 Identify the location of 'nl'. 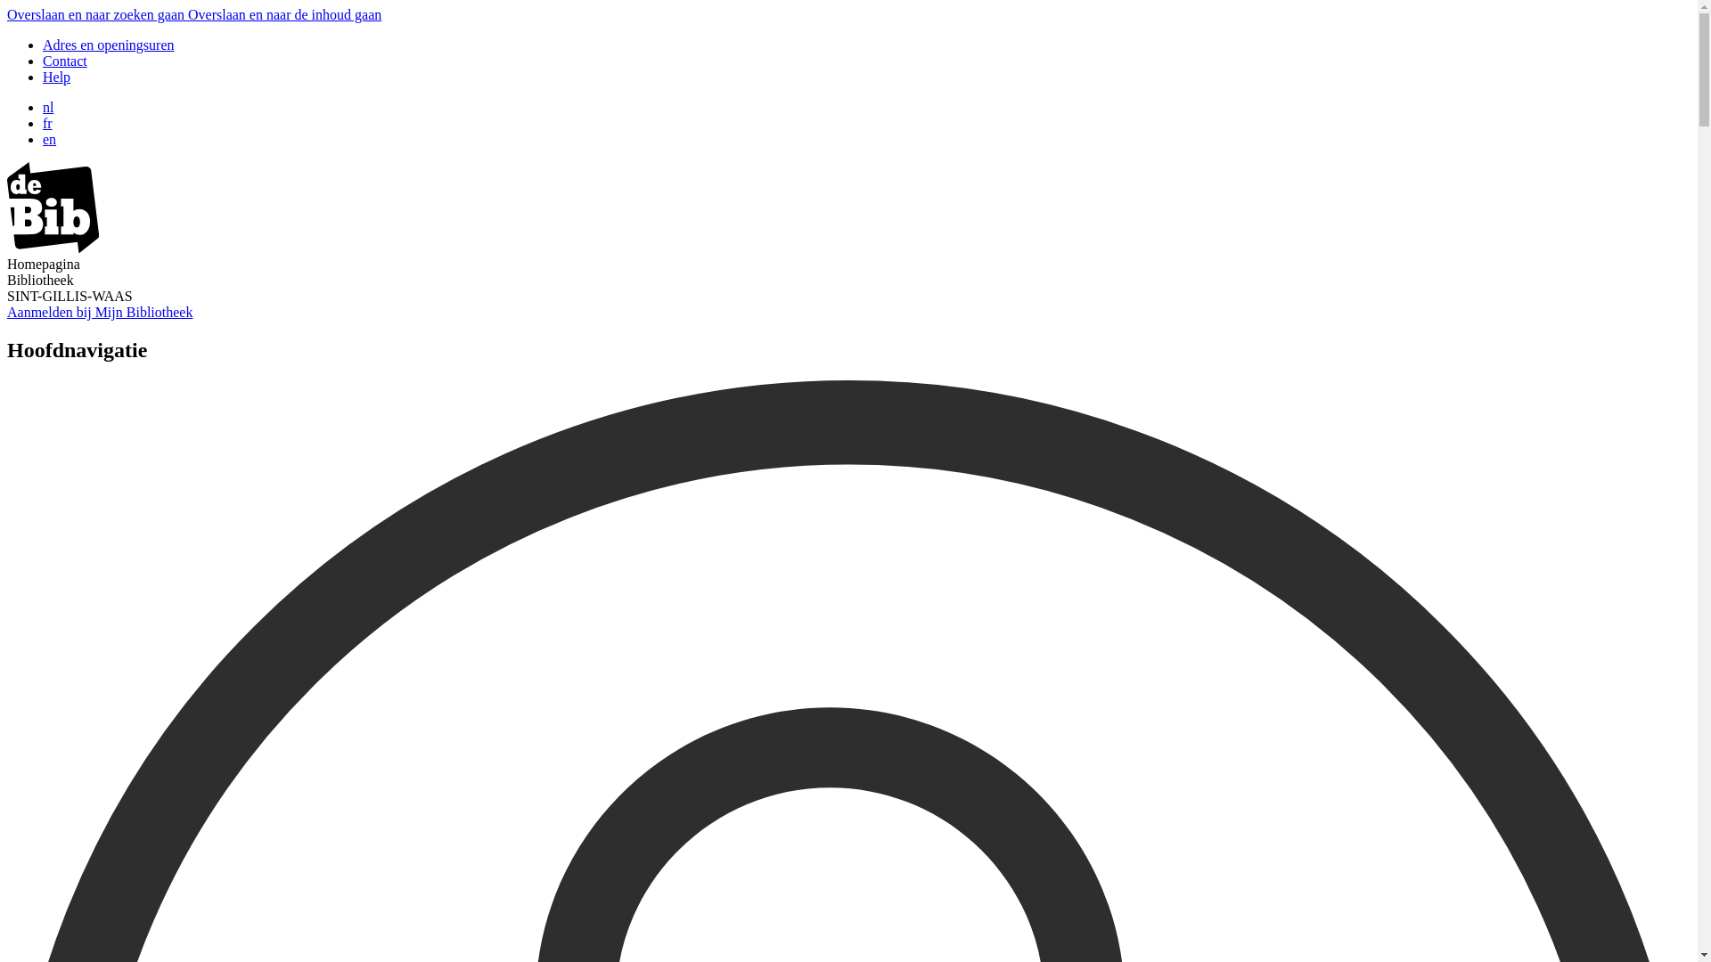
(43, 107).